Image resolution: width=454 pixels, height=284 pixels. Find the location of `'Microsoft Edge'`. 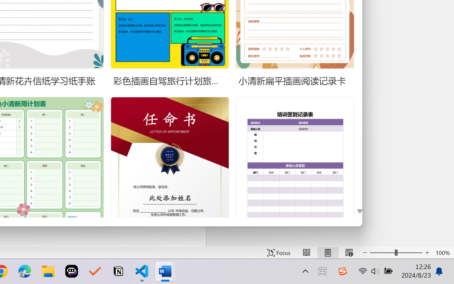

'Microsoft Edge' is located at coordinates (24, 271).